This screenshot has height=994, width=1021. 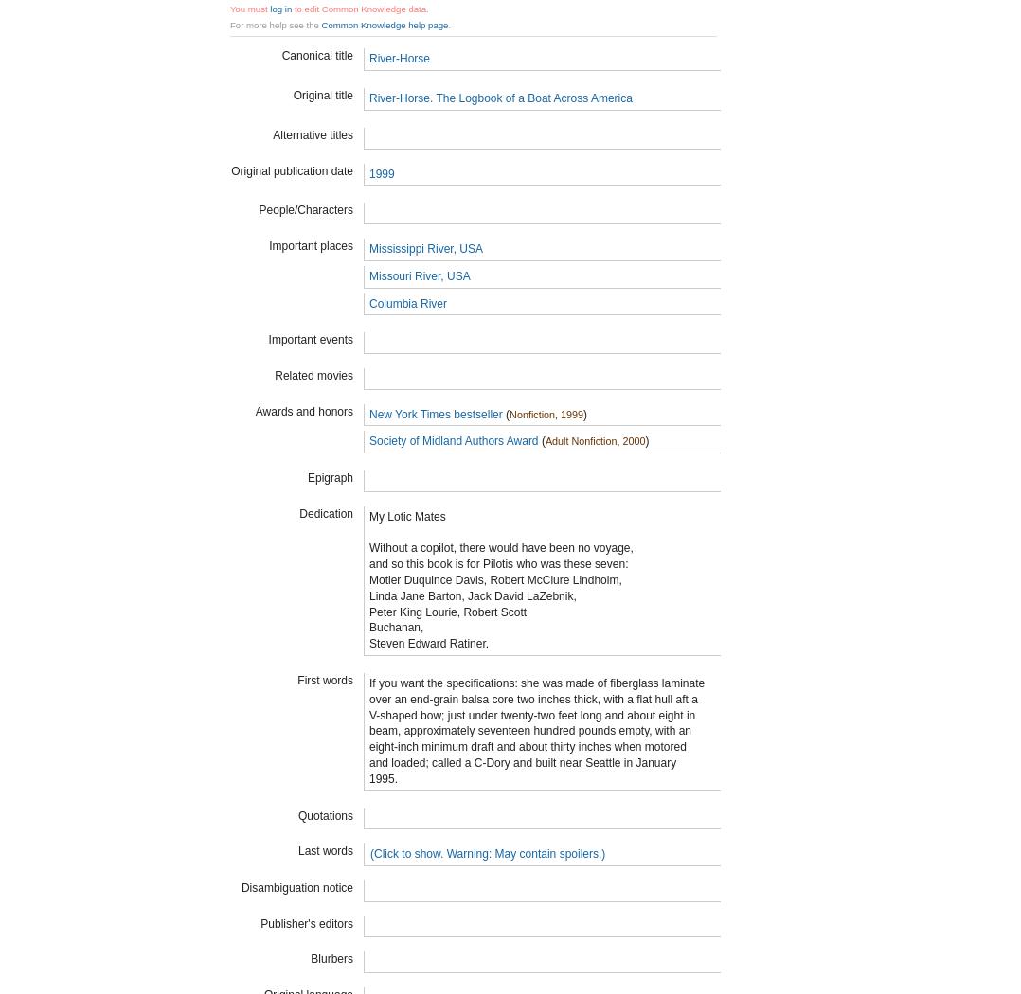 What do you see at coordinates (321, 96) in the screenshot?
I see `'Original title'` at bounding box center [321, 96].